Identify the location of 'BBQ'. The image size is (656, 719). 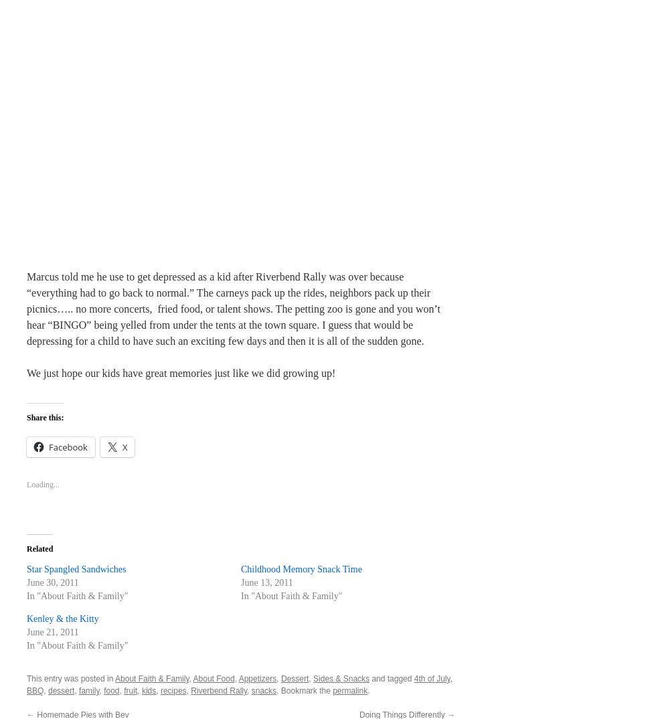
(35, 691).